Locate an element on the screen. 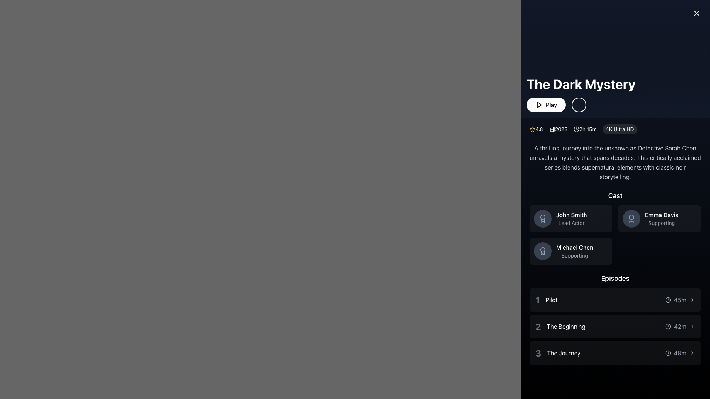 The image size is (710, 399). the static text label indicating the duration of the third episode 'The Journey', which shows the time length of 48 minutes, positioned in the third row of episodes, to the right of a clock icon is located at coordinates (680, 353).